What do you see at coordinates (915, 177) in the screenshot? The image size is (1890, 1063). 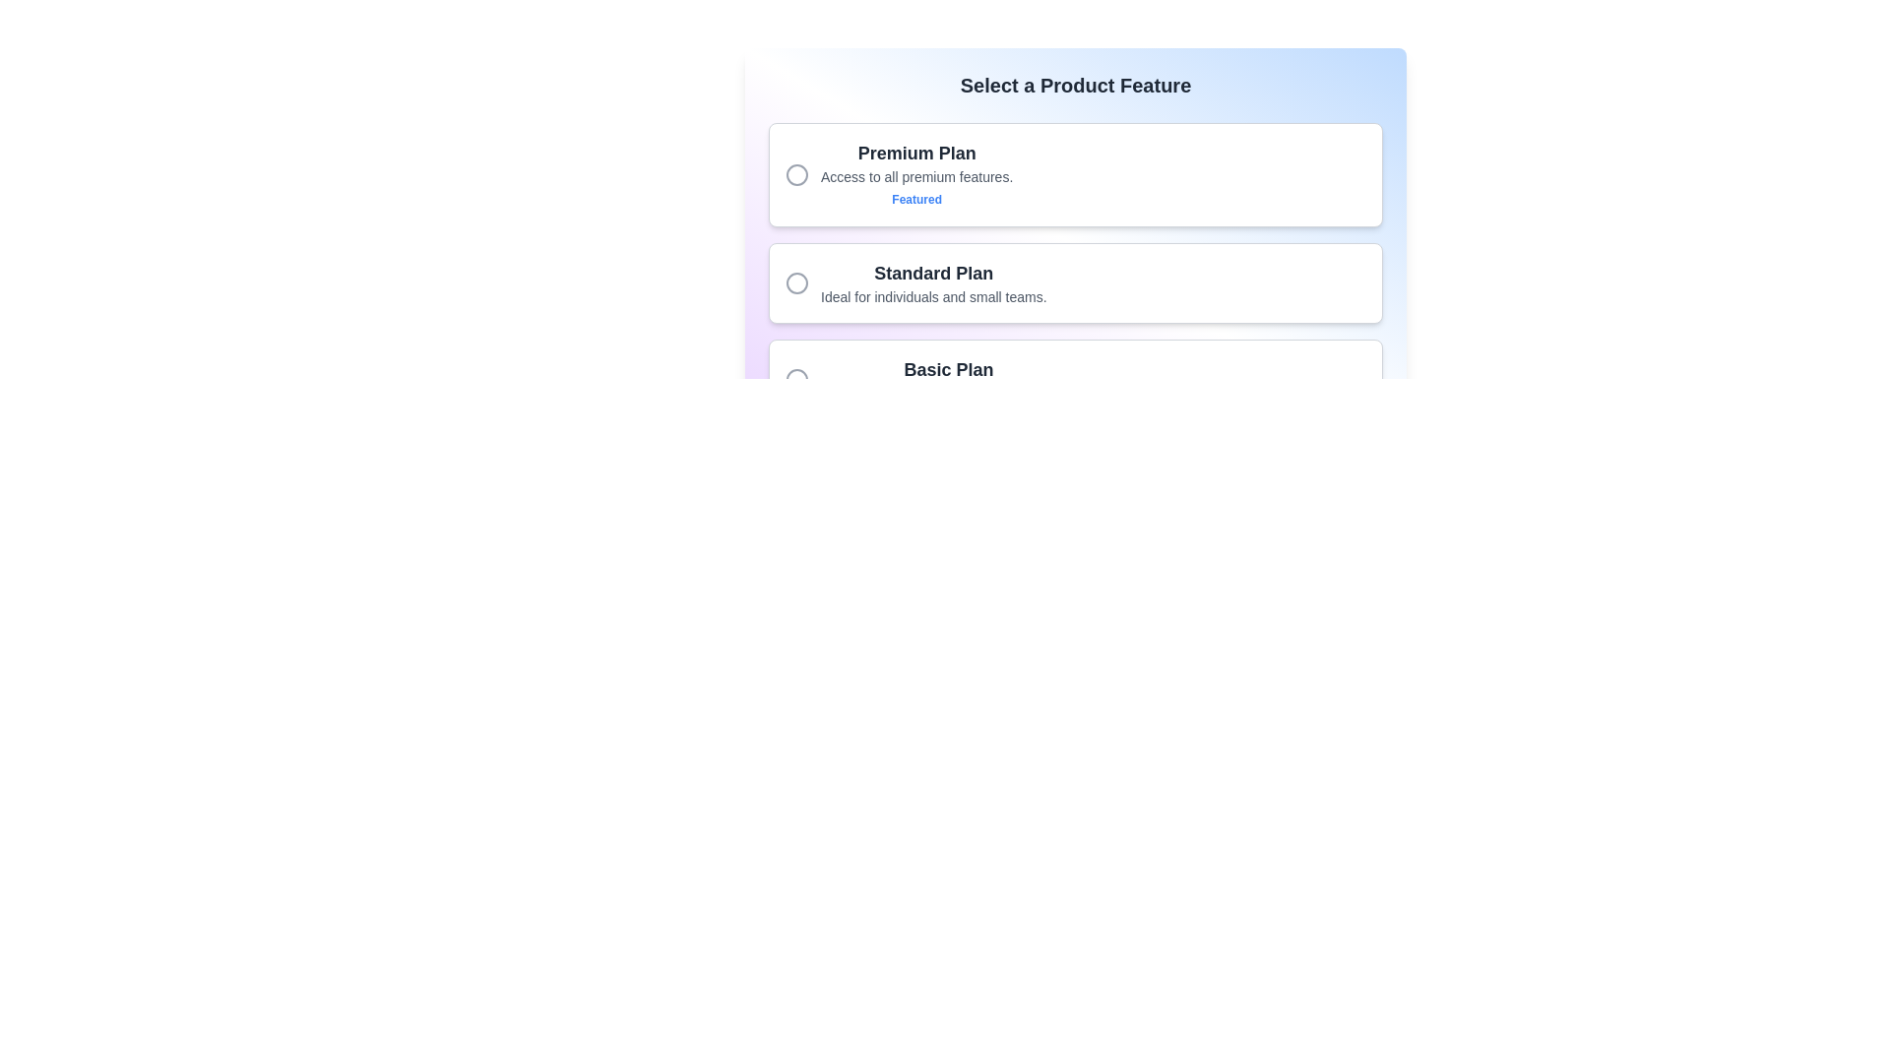 I see `the static text label providing descriptive information about the Premium Plan features, located below the 'Premium Plan' heading and above the 'Featured' label` at bounding box center [915, 177].